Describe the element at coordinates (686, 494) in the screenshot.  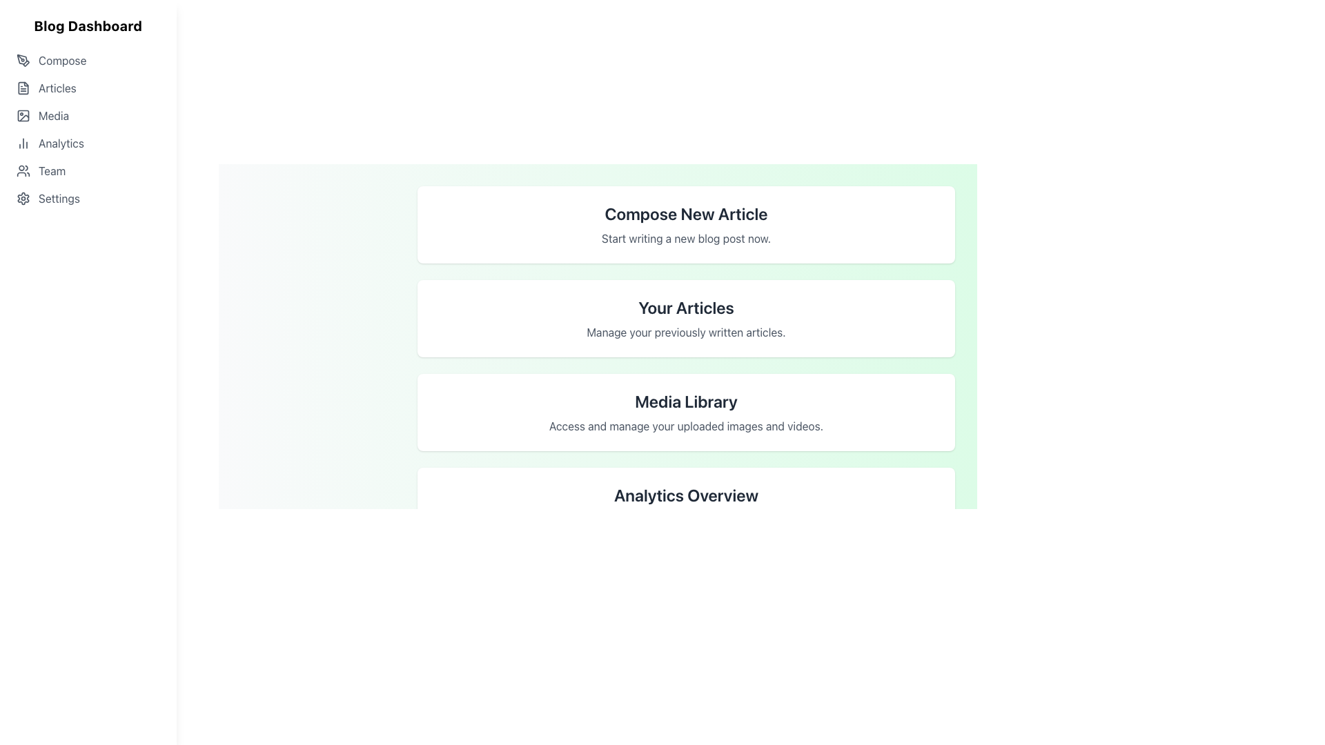
I see `the Text label that serves as the headline for the card titled 'Analytics OverviewView detailed insights about your blog.' positioned at the top of the card` at that location.